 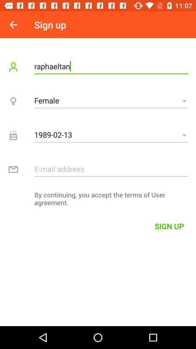 What do you see at coordinates (13, 25) in the screenshot?
I see `the icon next to the sign up icon` at bounding box center [13, 25].